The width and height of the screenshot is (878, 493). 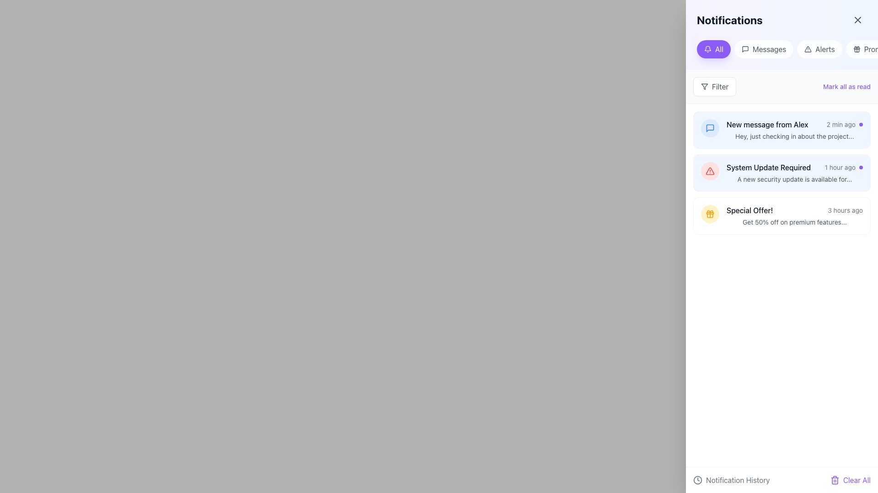 I want to click on the icon representing the 'Alerts' category located near the left side of the 'Alerts' tab, so click(x=808, y=49).